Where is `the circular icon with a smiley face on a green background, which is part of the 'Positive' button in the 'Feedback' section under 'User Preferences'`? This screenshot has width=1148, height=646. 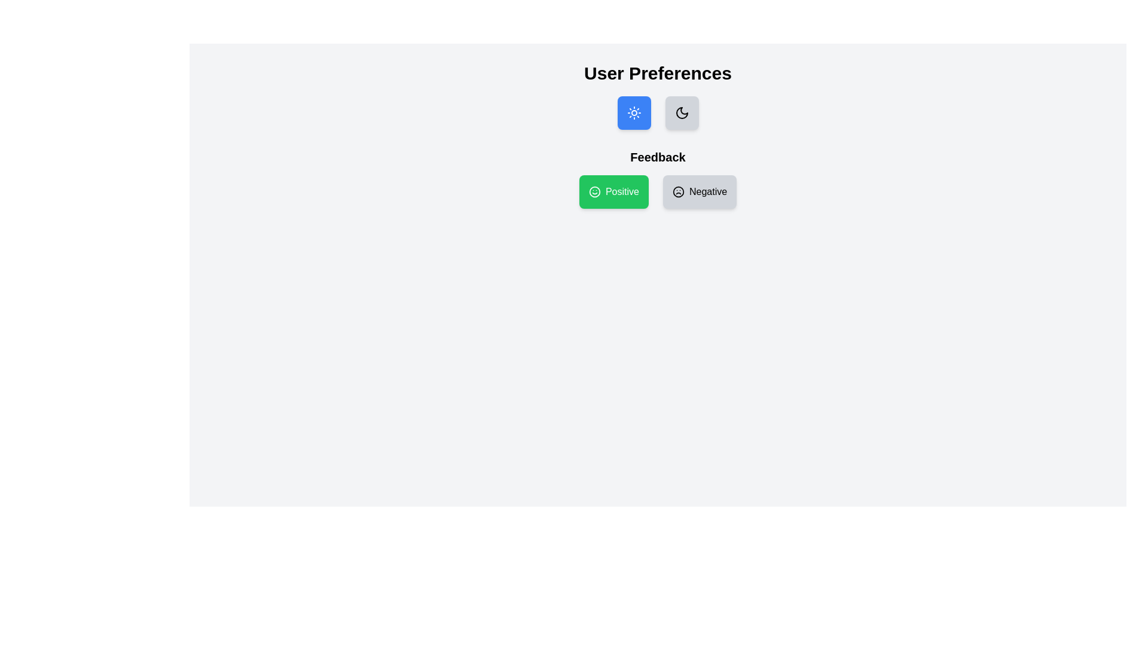 the circular icon with a smiley face on a green background, which is part of the 'Positive' button in the 'Feedback' section under 'User Preferences' is located at coordinates (594, 191).